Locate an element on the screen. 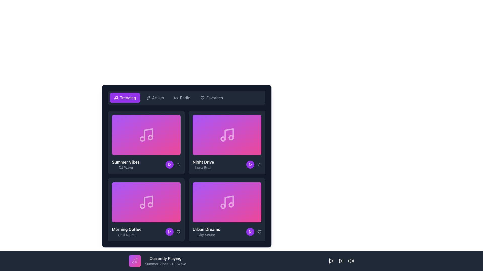 The image size is (483, 271). the 'Radio' icon (SVG graphic) located to the left of the 'Radio' navigation text is located at coordinates (176, 98).